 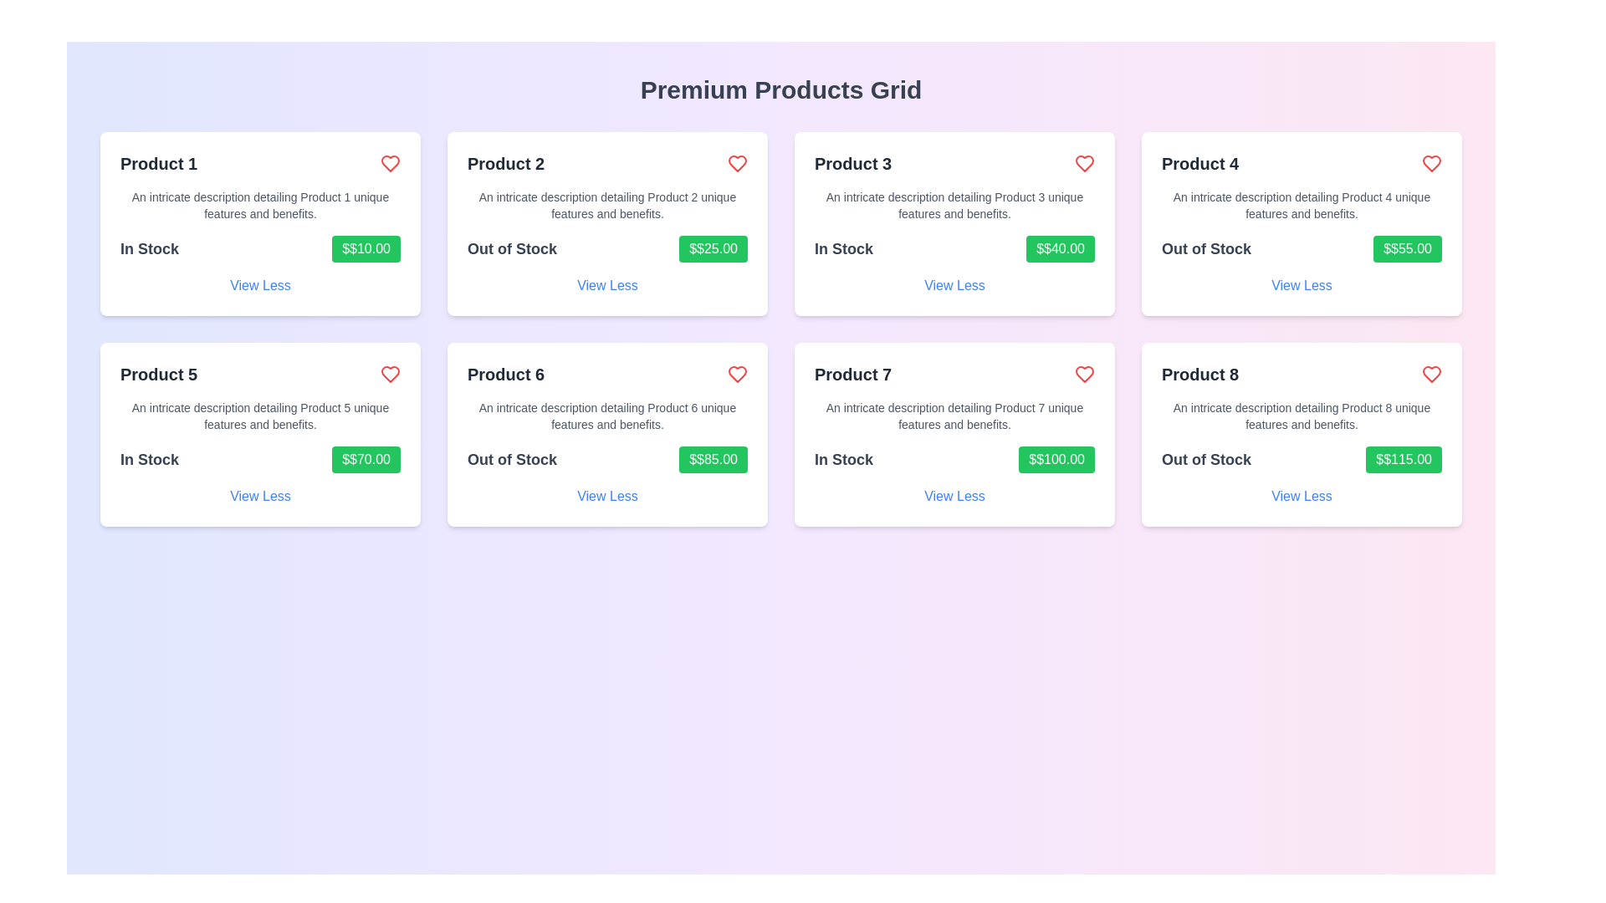 What do you see at coordinates (954, 285) in the screenshot?
I see `the hyperlink located at the bottom right of the 'Product 3' card` at bounding box center [954, 285].